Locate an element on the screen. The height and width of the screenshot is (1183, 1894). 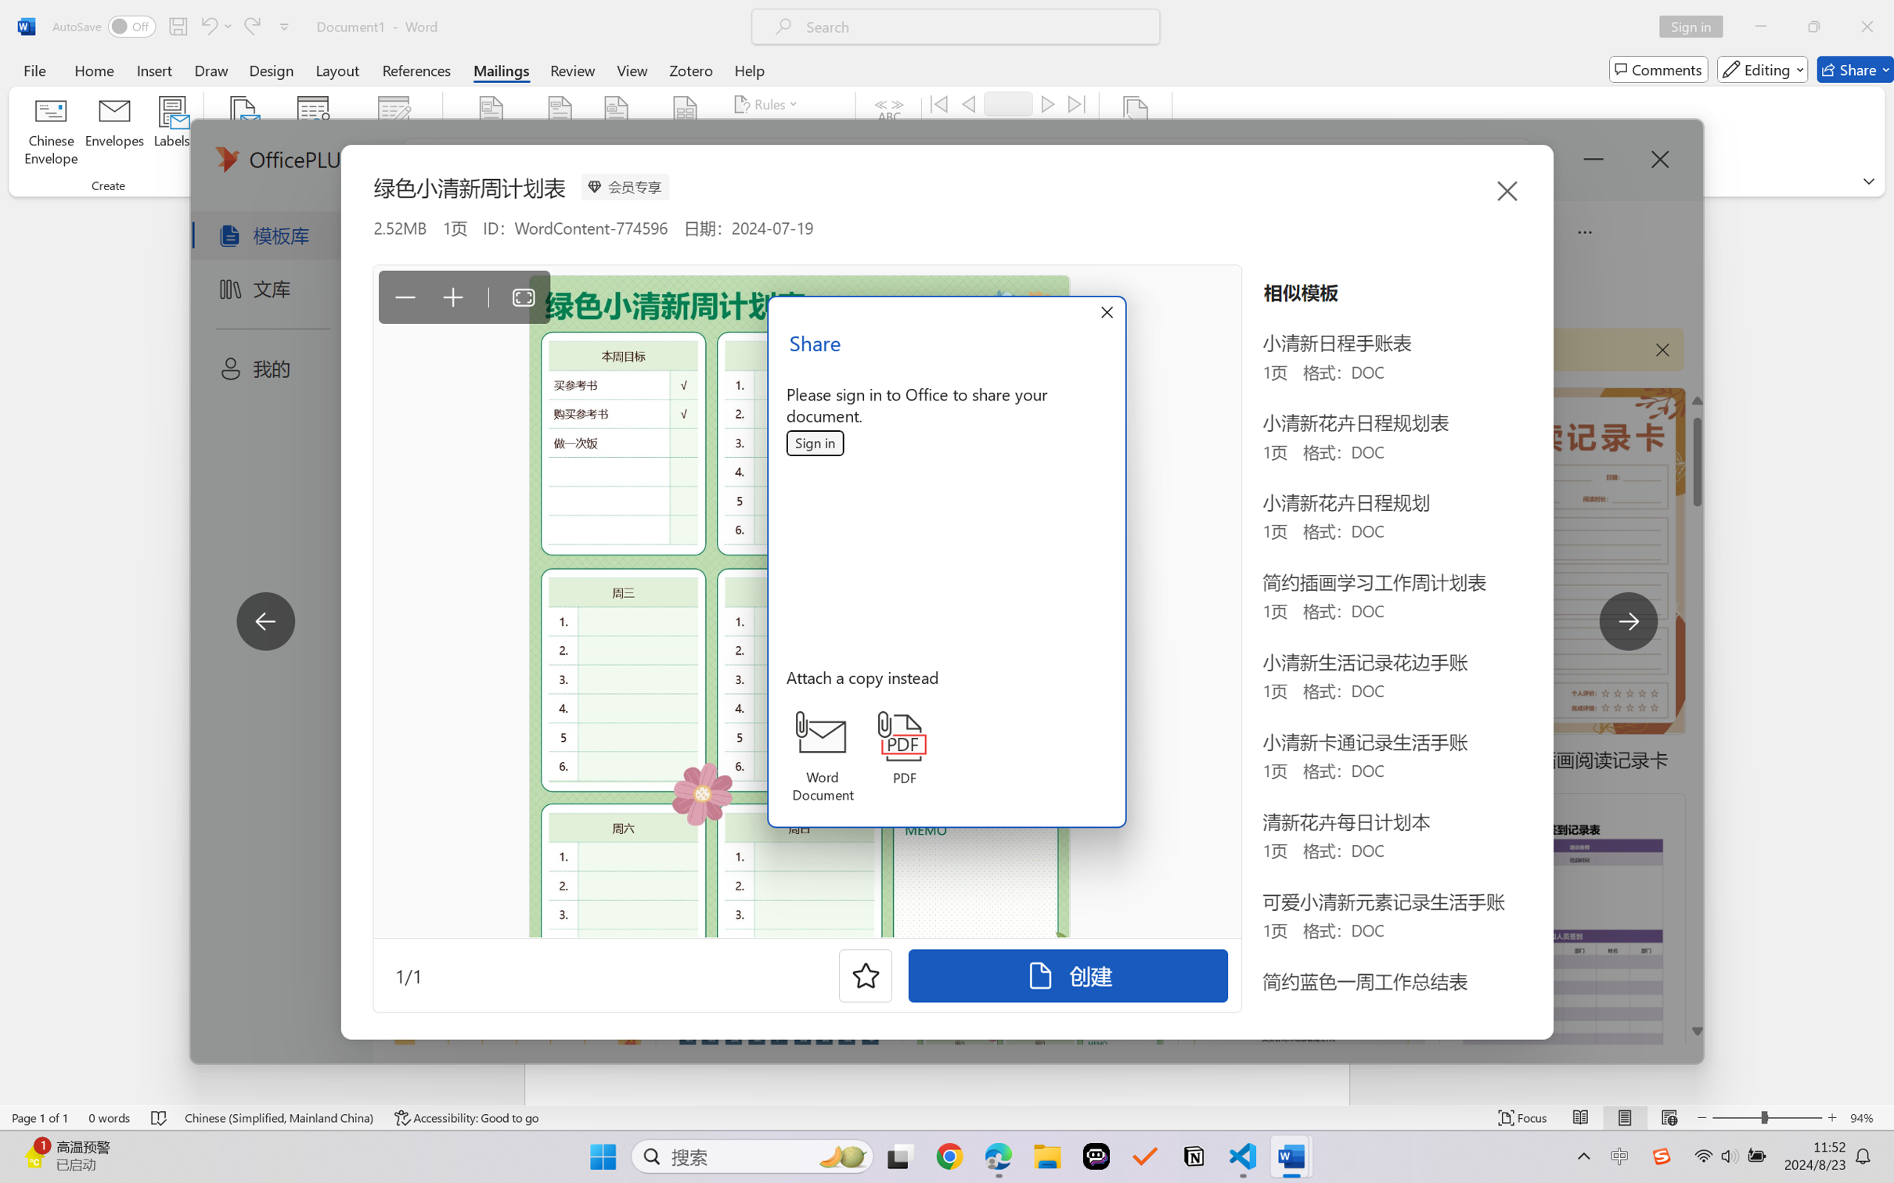
'Editing' is located at coordinates (1763, 69).